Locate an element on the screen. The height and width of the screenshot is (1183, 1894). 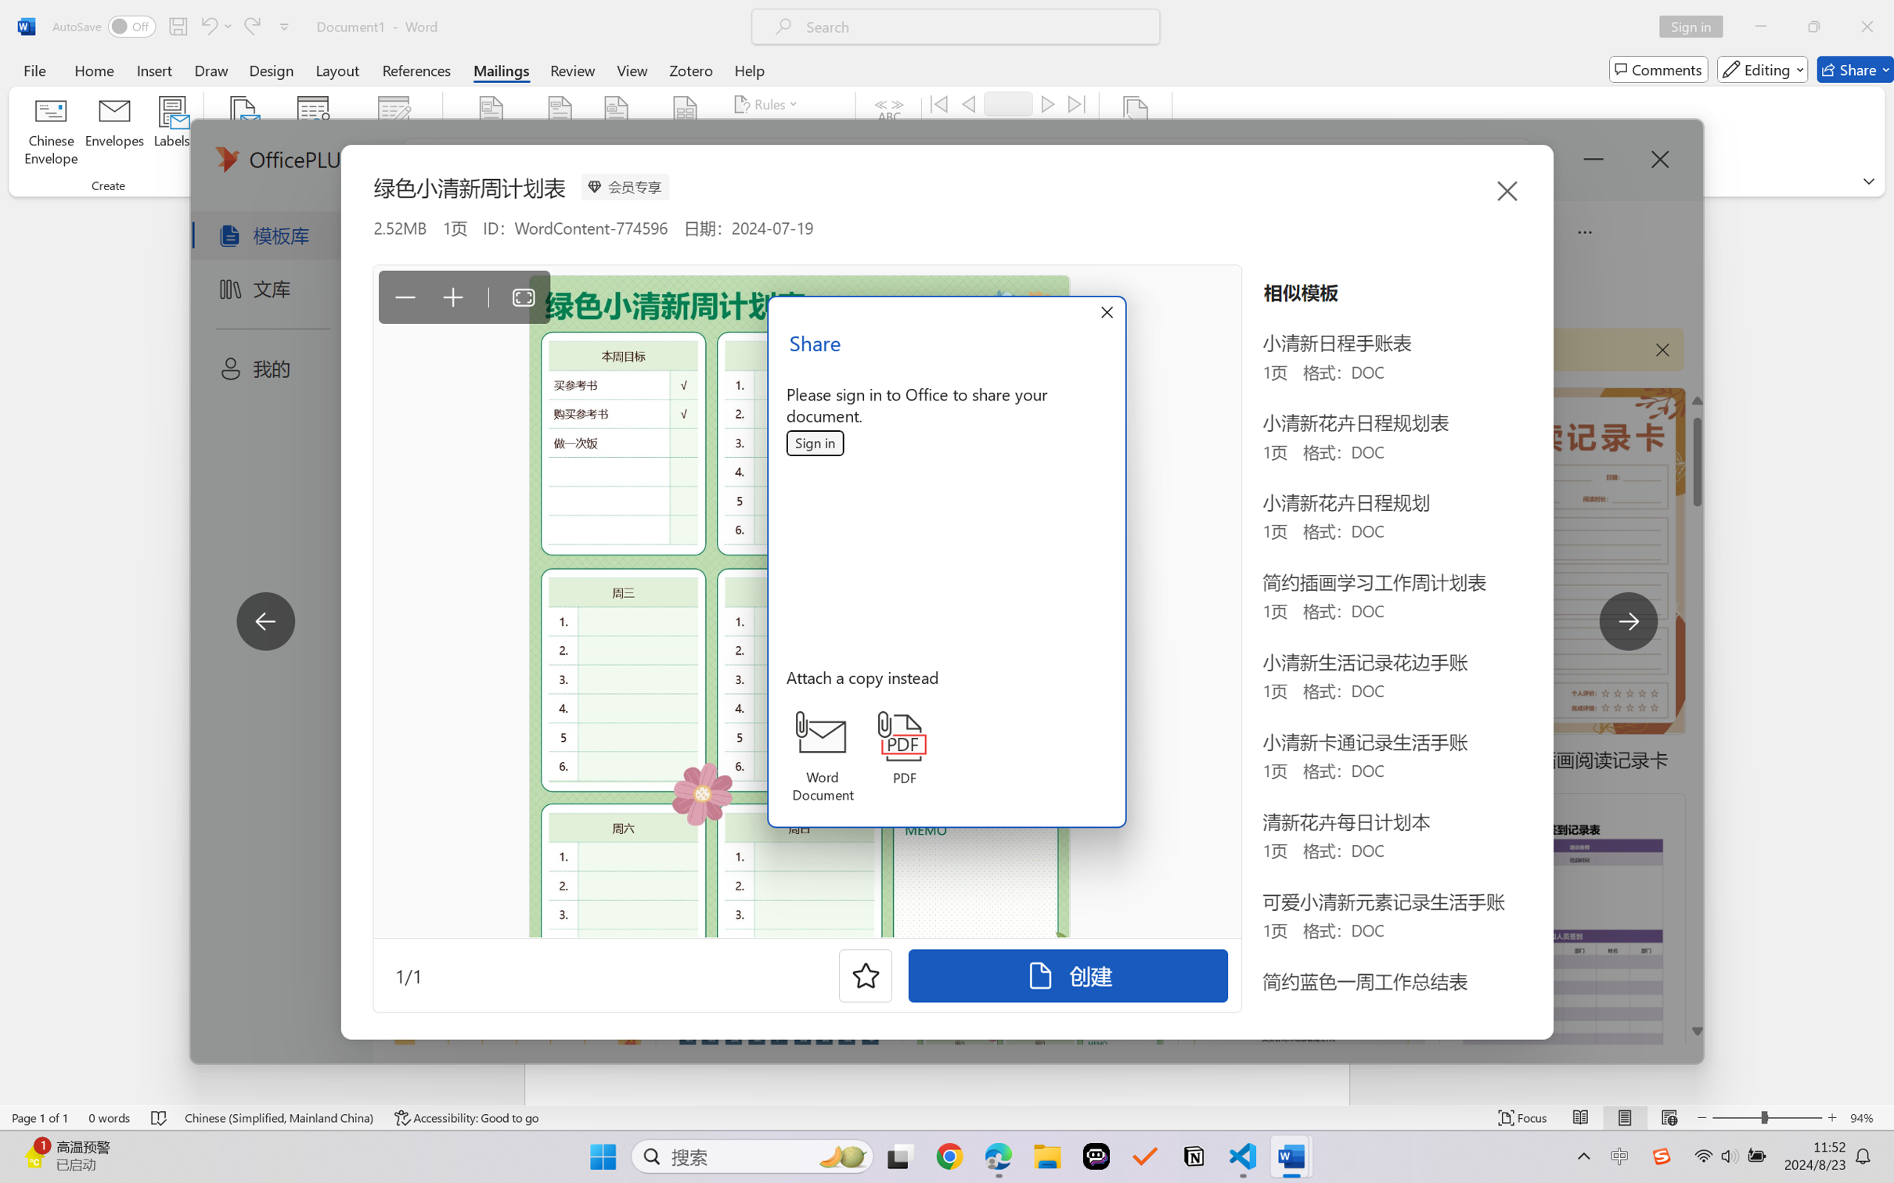
'Editing' is located at coordinates (1763, 69).